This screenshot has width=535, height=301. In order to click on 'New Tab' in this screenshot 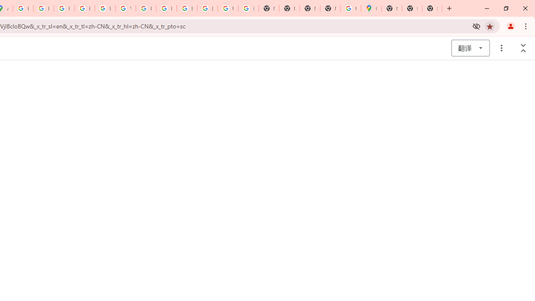, I will do `click(412, 8)`.